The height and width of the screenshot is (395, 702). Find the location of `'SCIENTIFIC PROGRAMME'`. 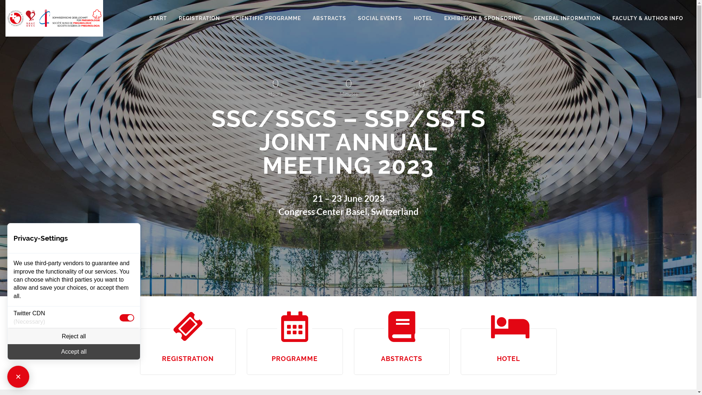

'SCIENTIFIC PROGRAMME' is located at coordinates (266, 18).